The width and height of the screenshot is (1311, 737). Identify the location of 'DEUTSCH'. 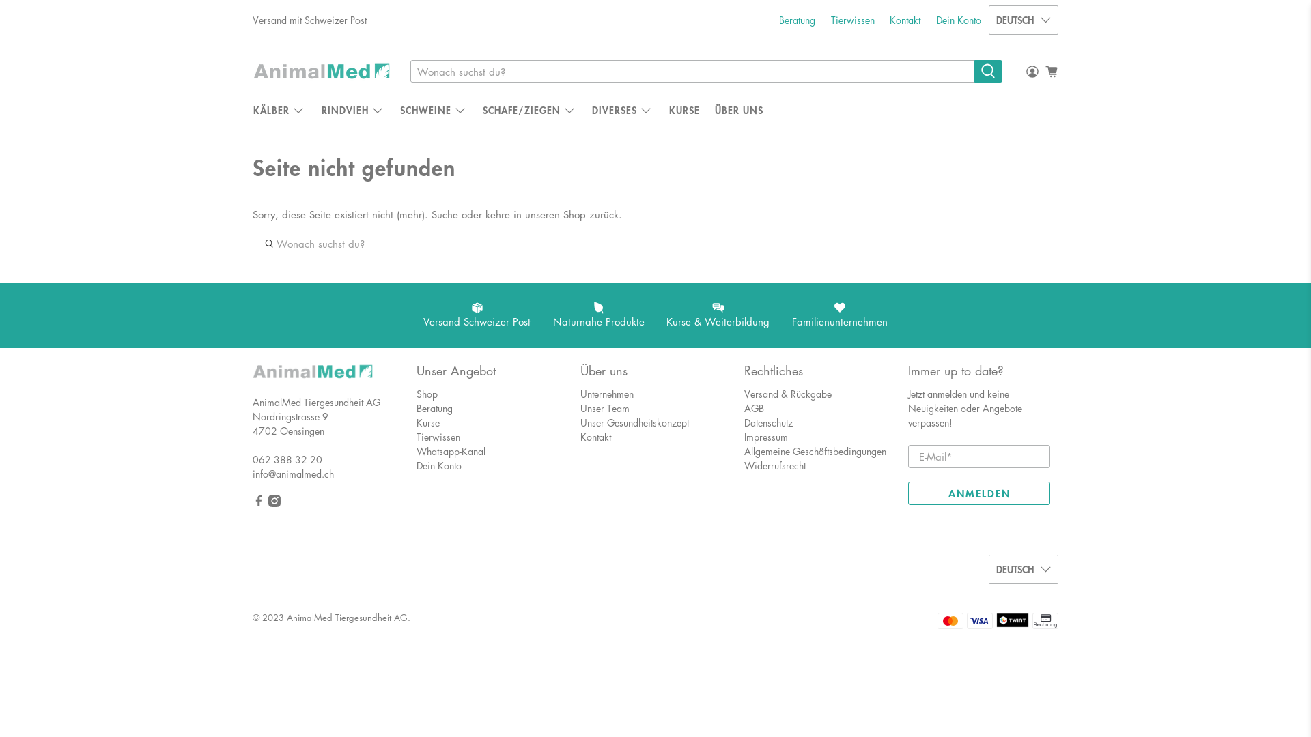
(1023, 20).